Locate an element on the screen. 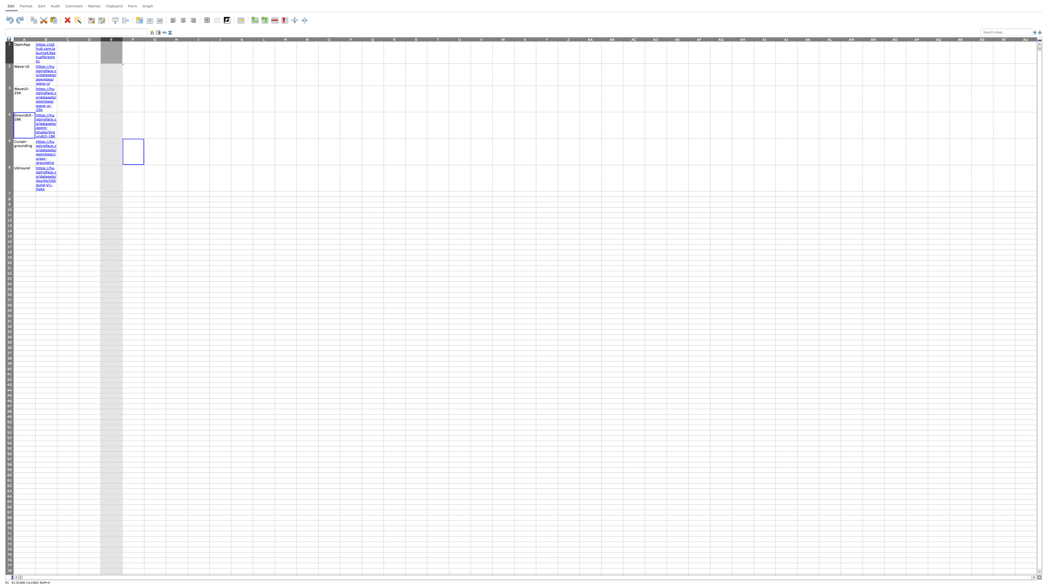 This screenshot has width=1045, height=588. Move cursor to column F is located at coordinates (133, 39).